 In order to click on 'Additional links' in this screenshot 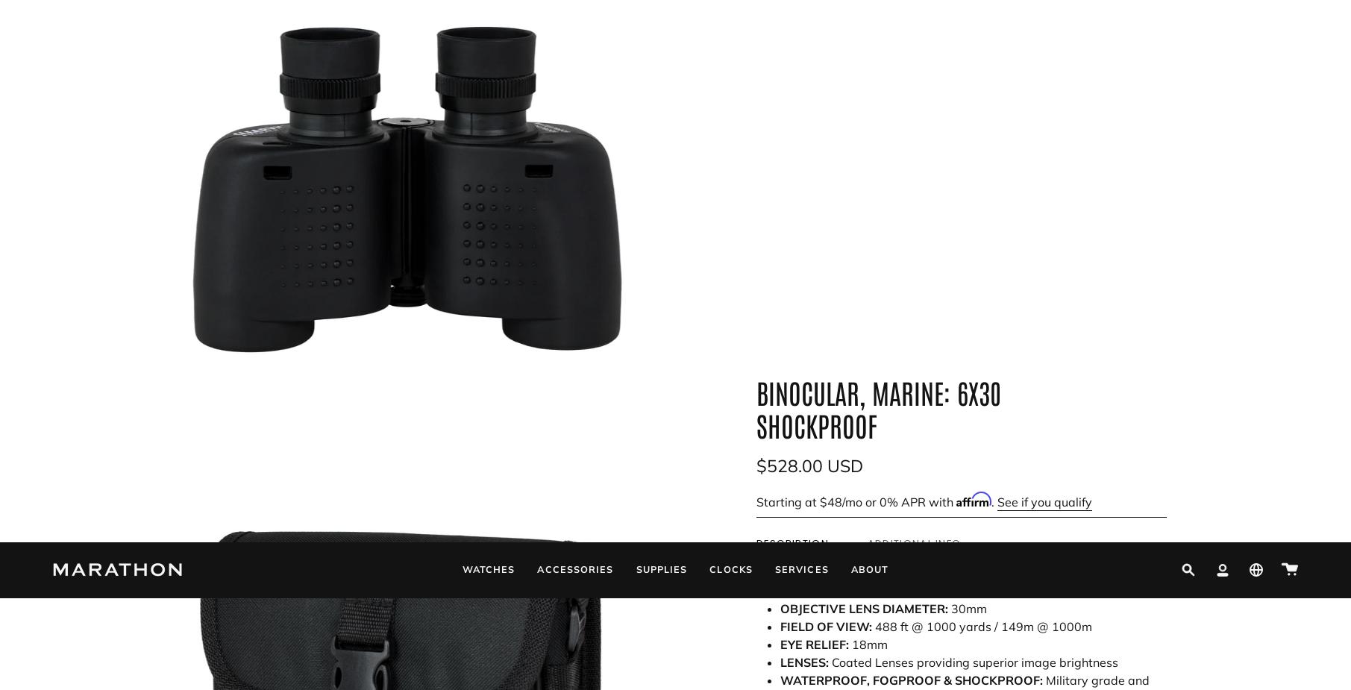, I will do `click(536, 448)`.